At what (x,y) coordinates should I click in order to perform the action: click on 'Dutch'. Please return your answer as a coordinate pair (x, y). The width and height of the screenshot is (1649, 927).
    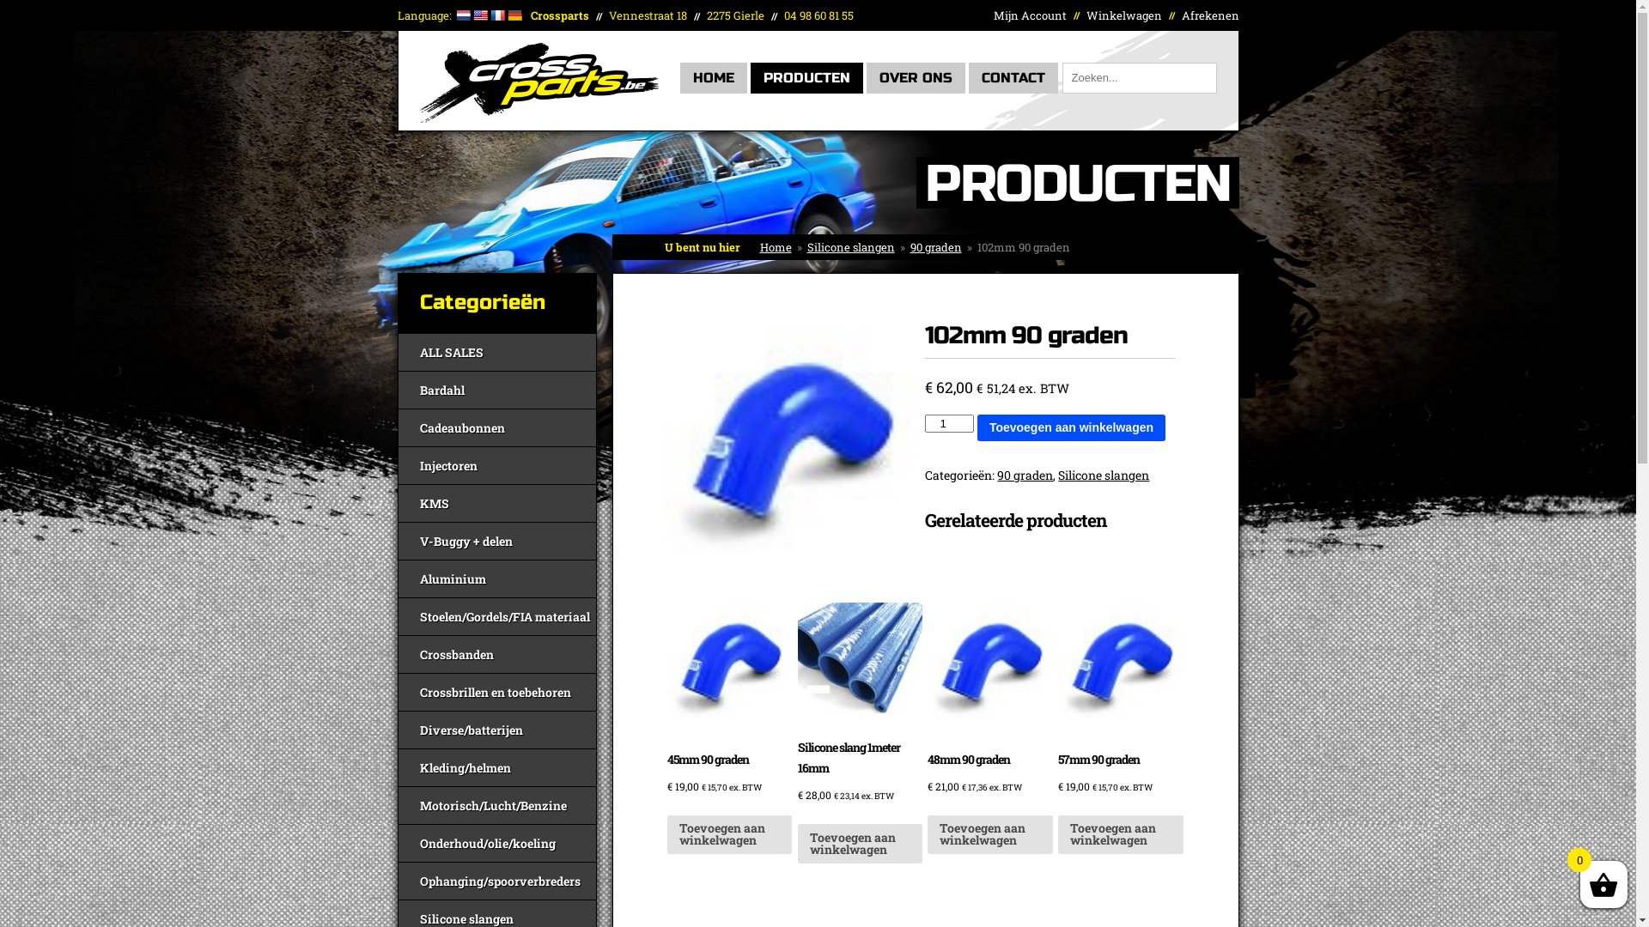
    Looking at the image, I should click on (454, 15).